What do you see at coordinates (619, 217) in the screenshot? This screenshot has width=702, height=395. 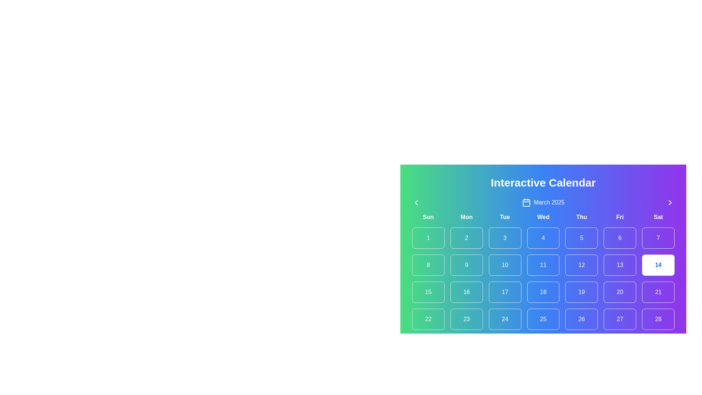 I see `the static label marking the Friday column in the calendar's weekday header row` at bounding box center [619, 217].